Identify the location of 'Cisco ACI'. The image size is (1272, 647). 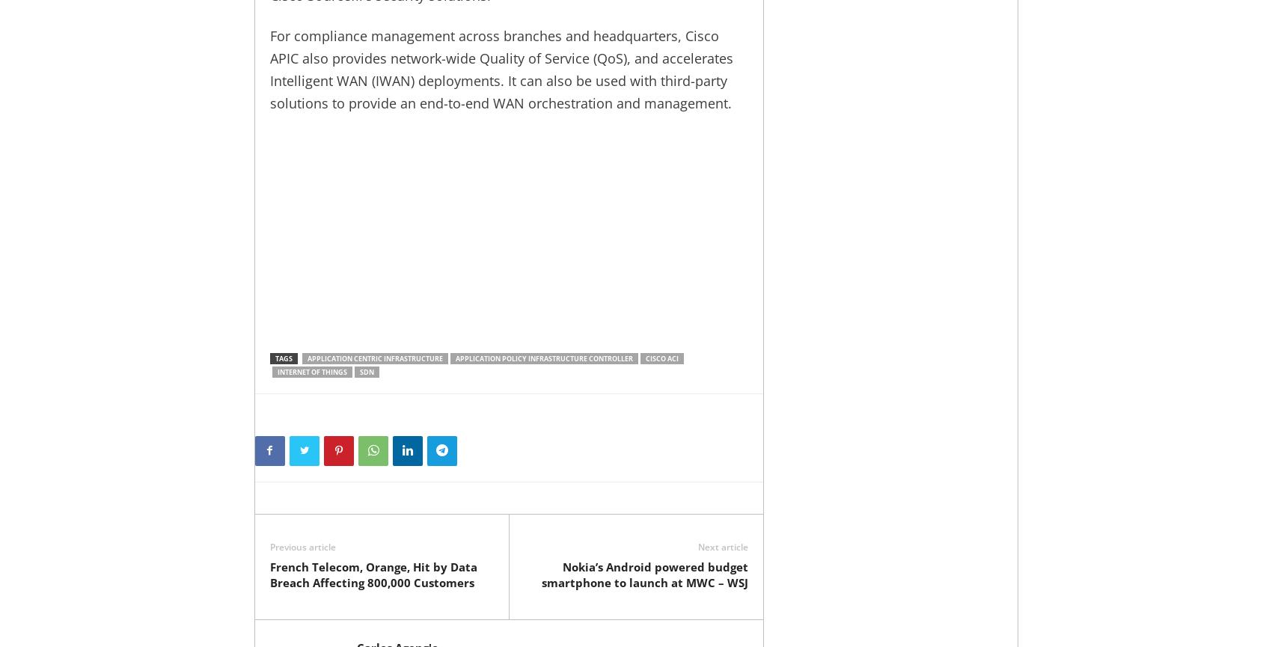
(661, 358).